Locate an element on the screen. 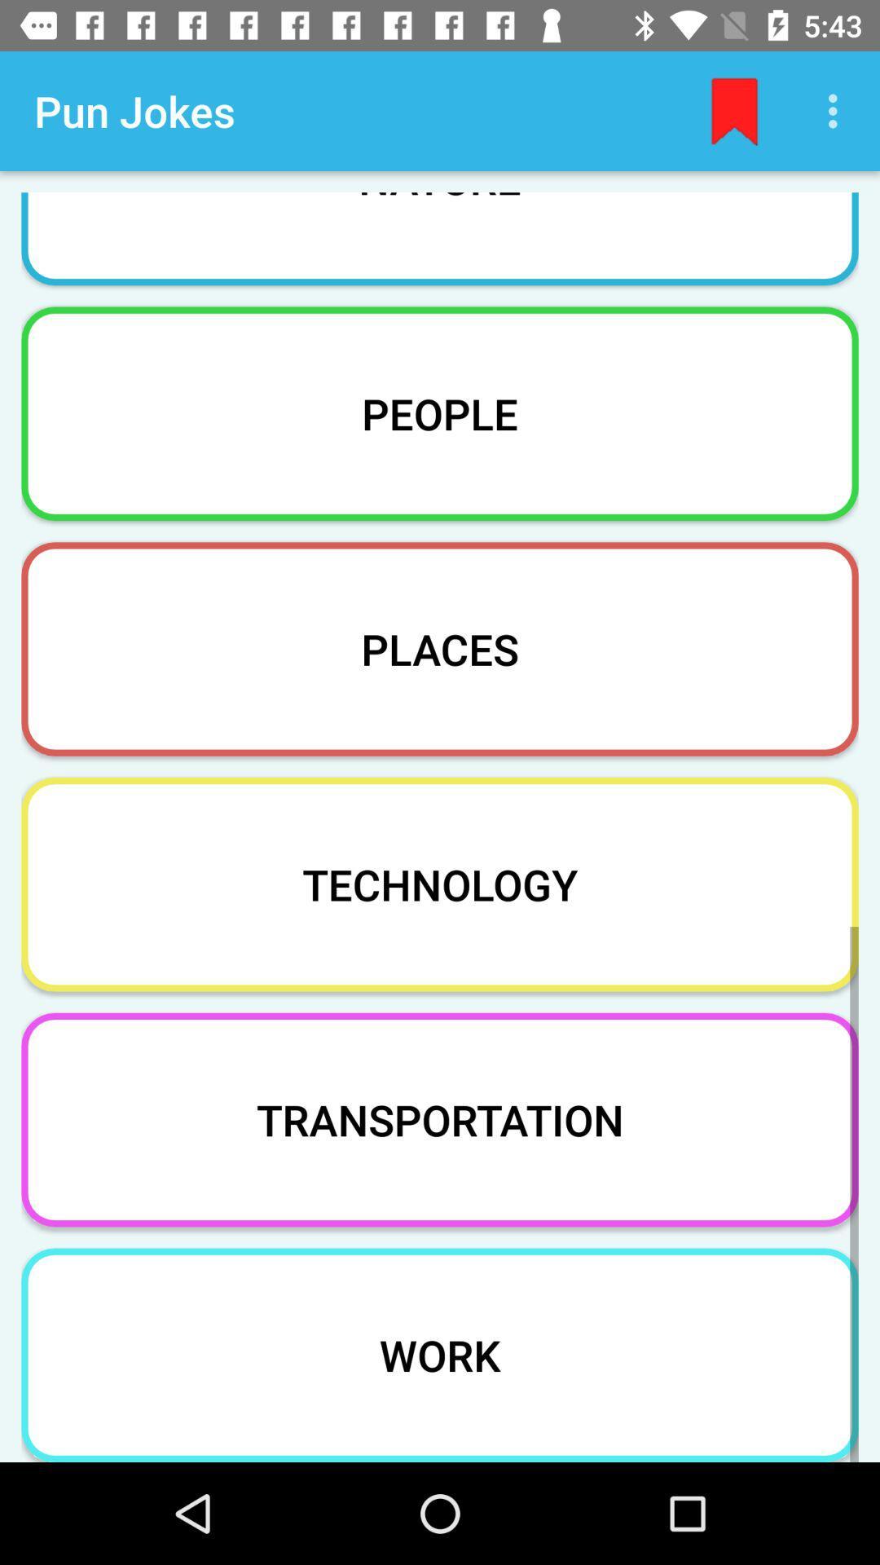 The image size is (880, 1565). item below the technology icon is located at coordinates (440, 1118).